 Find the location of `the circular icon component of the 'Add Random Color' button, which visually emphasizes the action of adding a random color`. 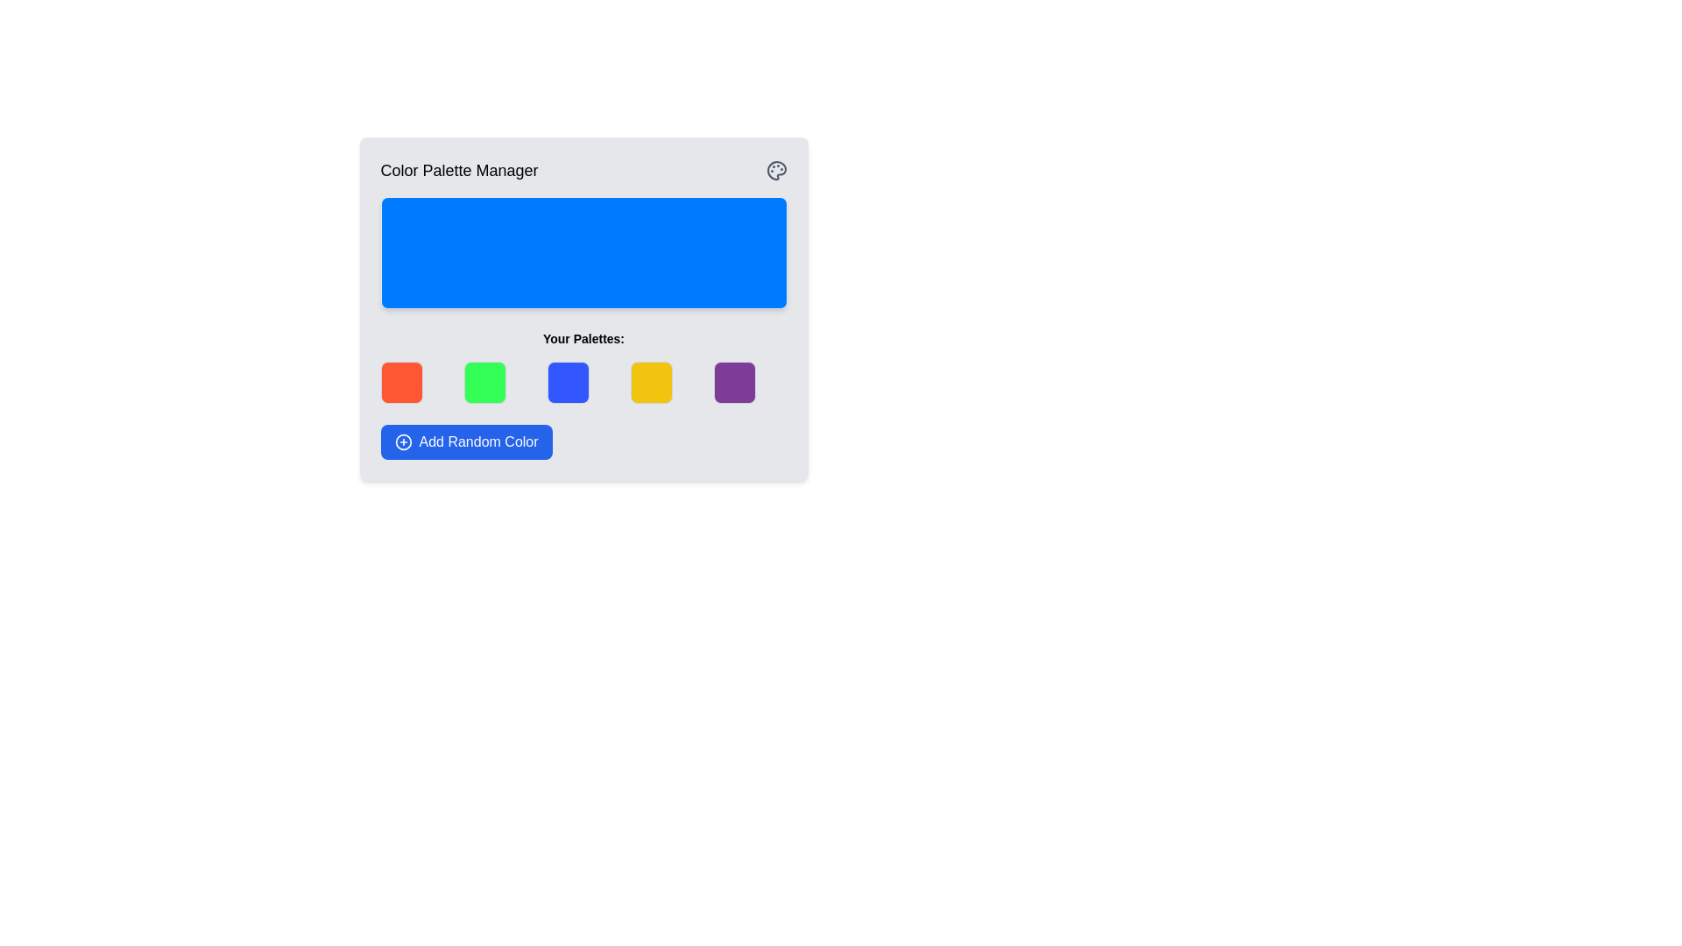

the circular icon component of the 'Add Random Color' button, which visually emphasizes the action of adding a random color is located at coordinates (402, 441).